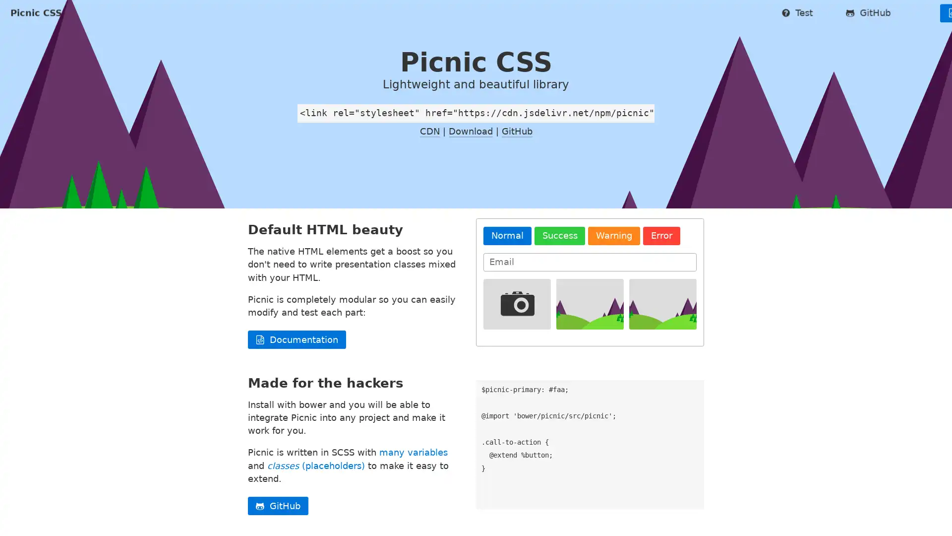  What do you see at coordinates (559, 265) in the screenshot?
I see `Success` at bounding box center [559, 265].